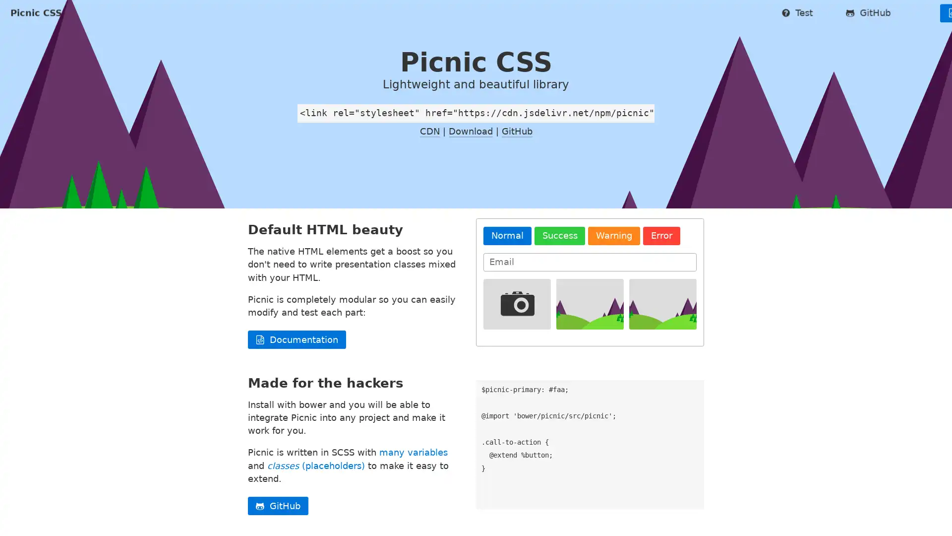  What do you see at coordinates (559, 265) in the screenshot?
I see `Success` at bounding box center [559, 265].